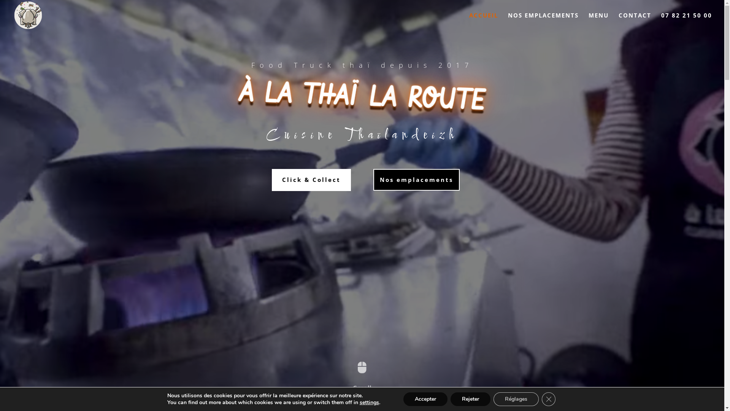 This screenshot has height=411, width=730. Describe the element at coordinates (686, 21) in the screenshot. I see `'07 82 21 50 00'` at that location.